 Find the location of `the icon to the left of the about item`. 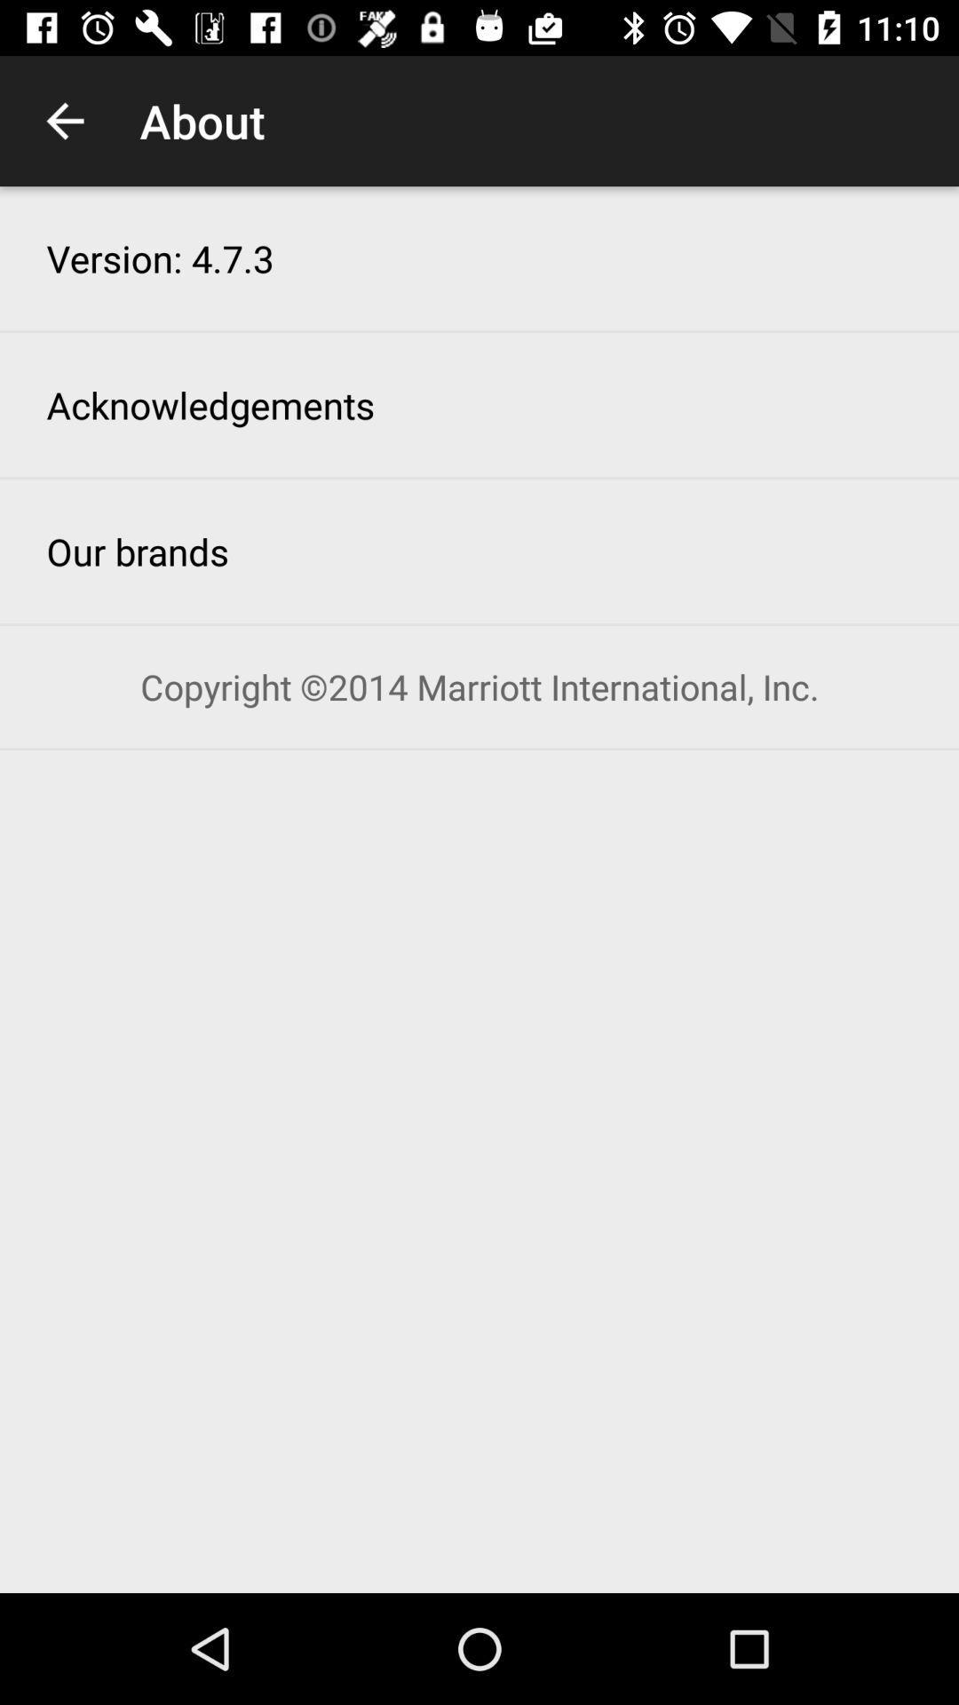

the icon to the left of the about item is located at coordinates (64, 120).